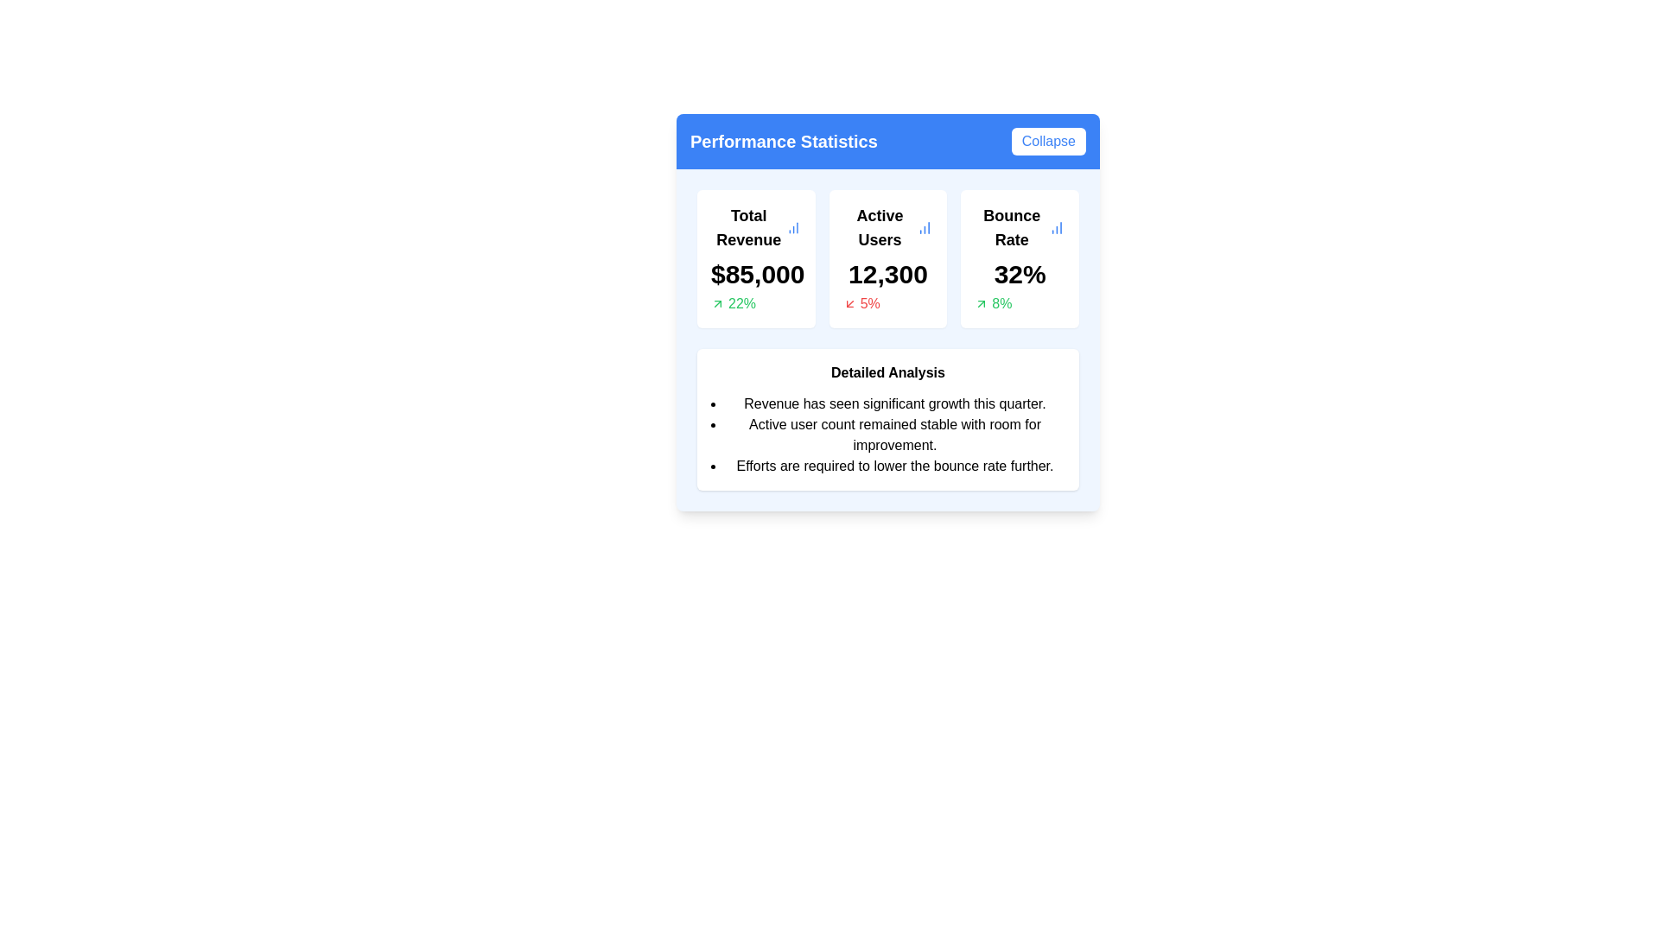 This screenshot has height=933, width=1659. I want to click on statistical data displayed on the Informational card that presents total revenue figures and trends, located at the top-left corner of the grid layout, so click(756, 259).